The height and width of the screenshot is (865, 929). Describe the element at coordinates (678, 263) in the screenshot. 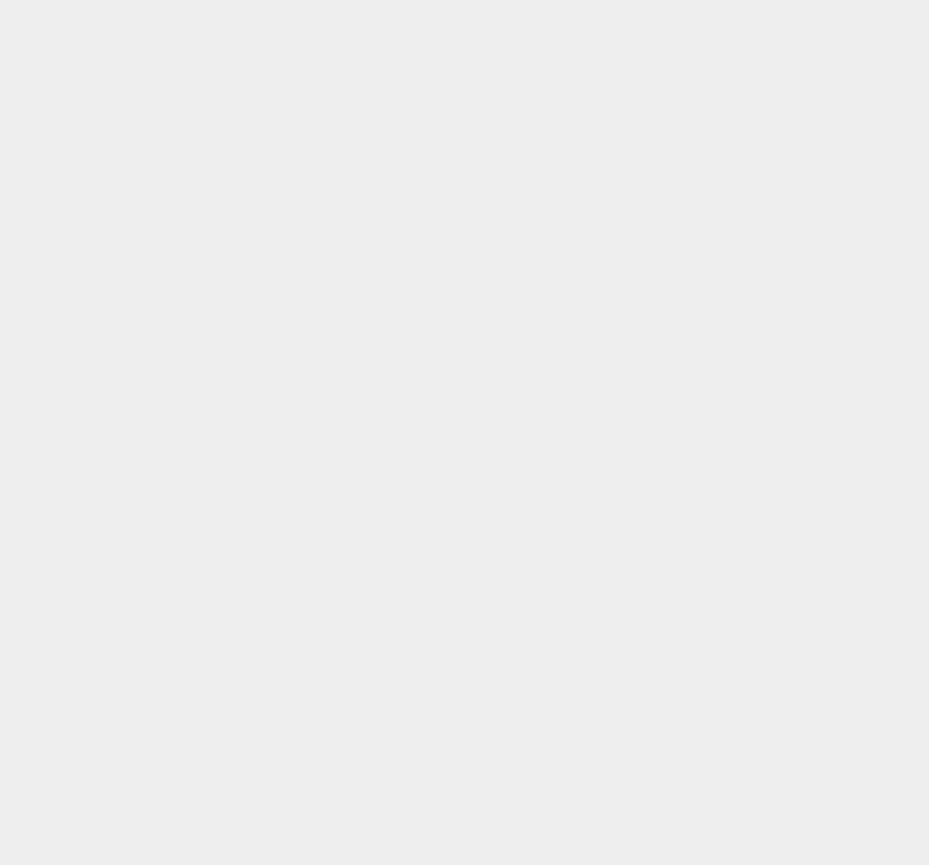

I see `'iOS 8.0.1'` at that location.